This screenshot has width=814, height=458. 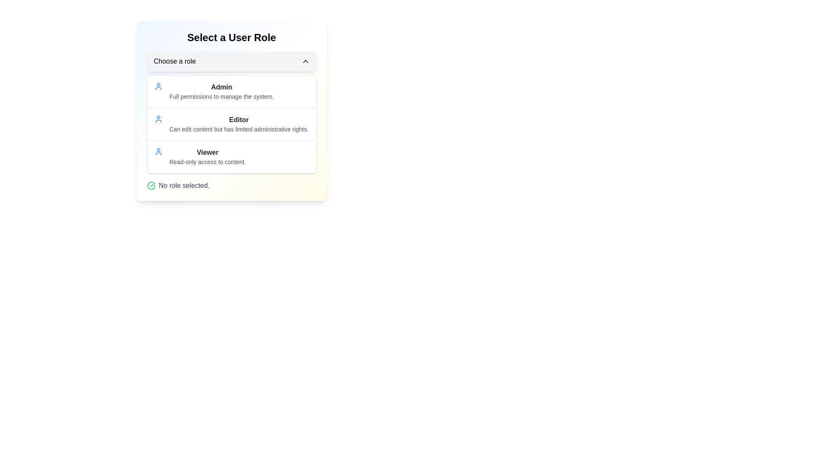 What do you see at coordinates (238, 124) in the screenshot?
I see `'Editor' text label which is styled as bold, followed by its description indicating limited administrative rights. This element is the second item in a vertical list of options, positioned between 'Admin' and 'Viewer'` at bounding box center [238, 124].